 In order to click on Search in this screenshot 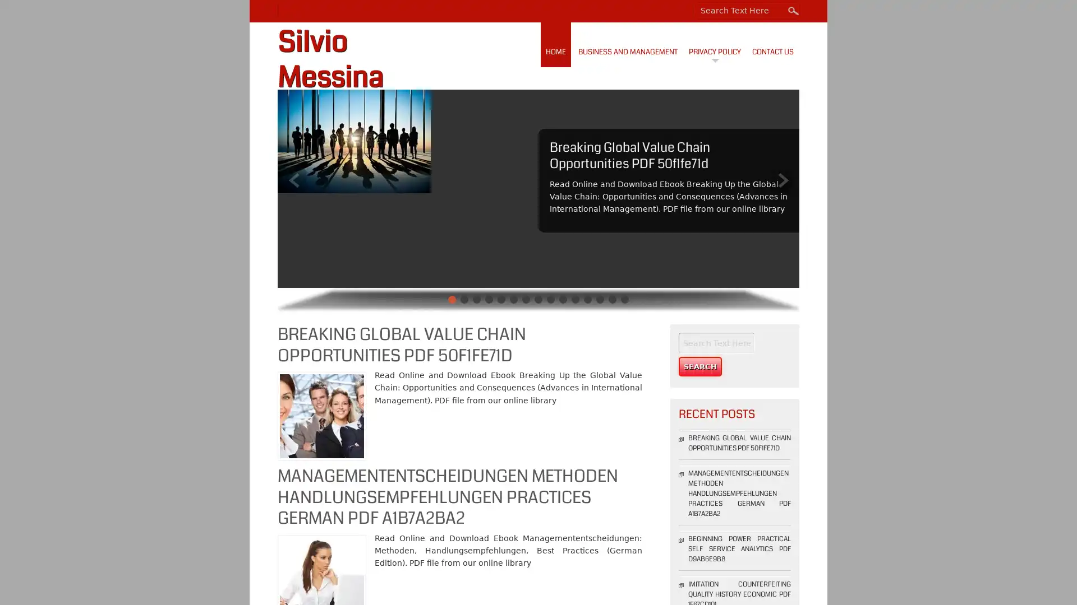, I will do `click(699, 366)`.